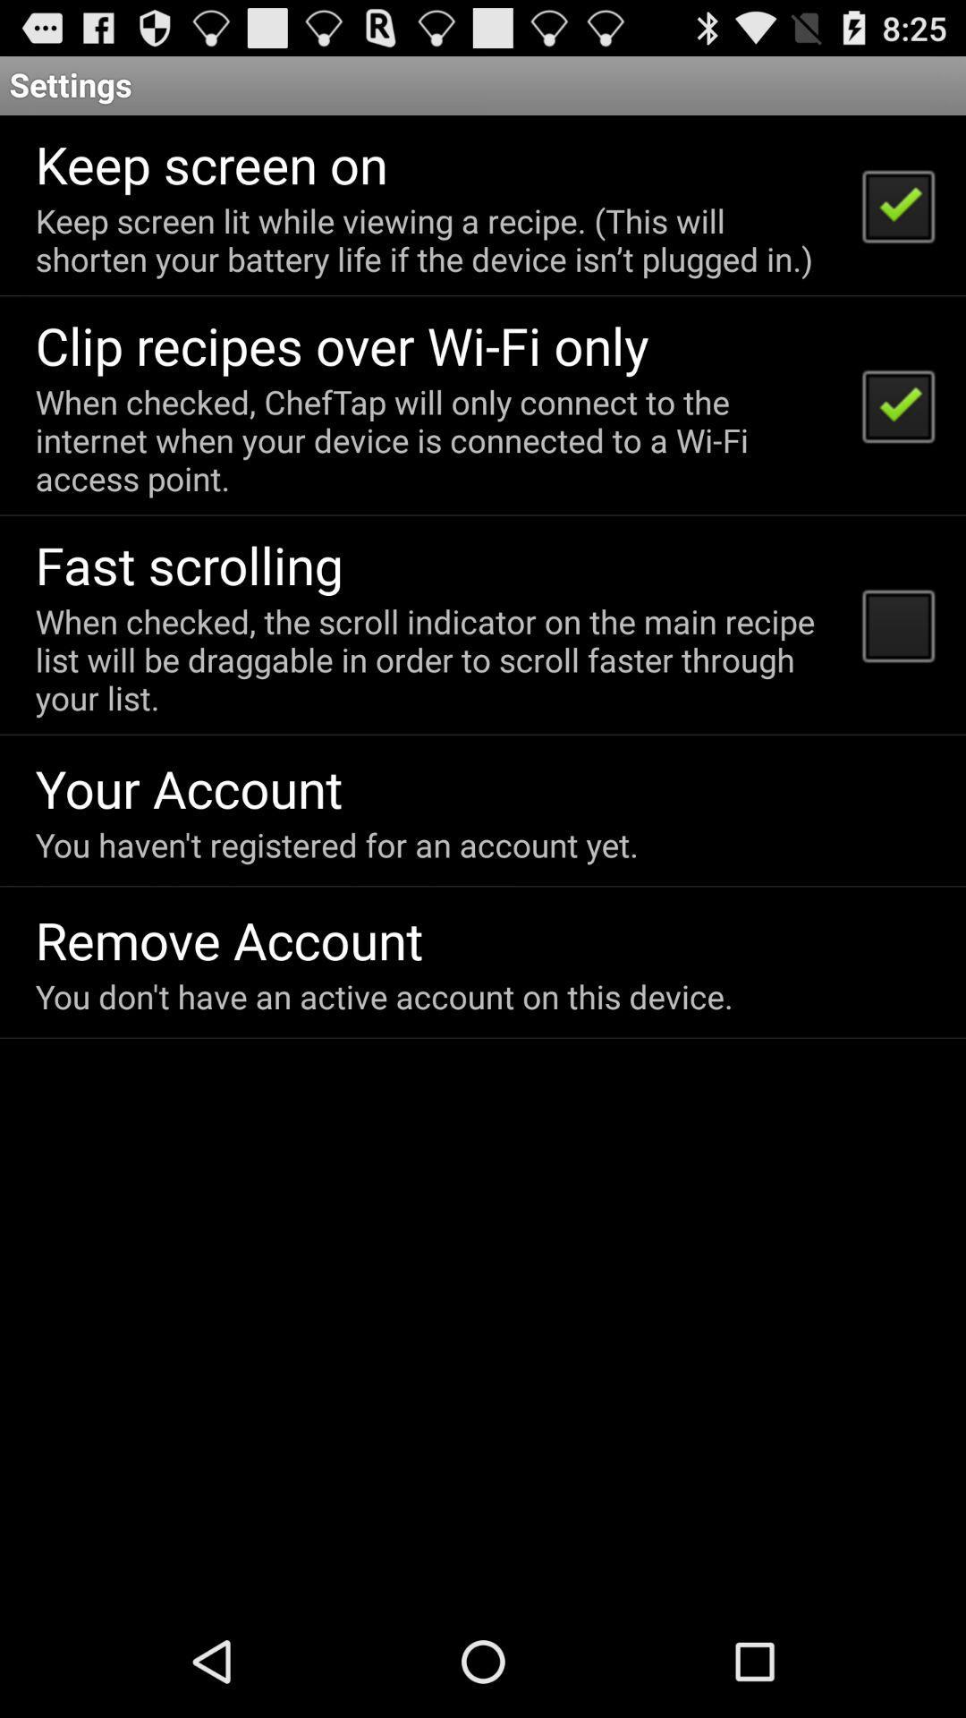  What do you see at coordinates (342, 344) in the screenshot?
I see `the app above the when checked cheftap item` at bounding box center [342, 344].